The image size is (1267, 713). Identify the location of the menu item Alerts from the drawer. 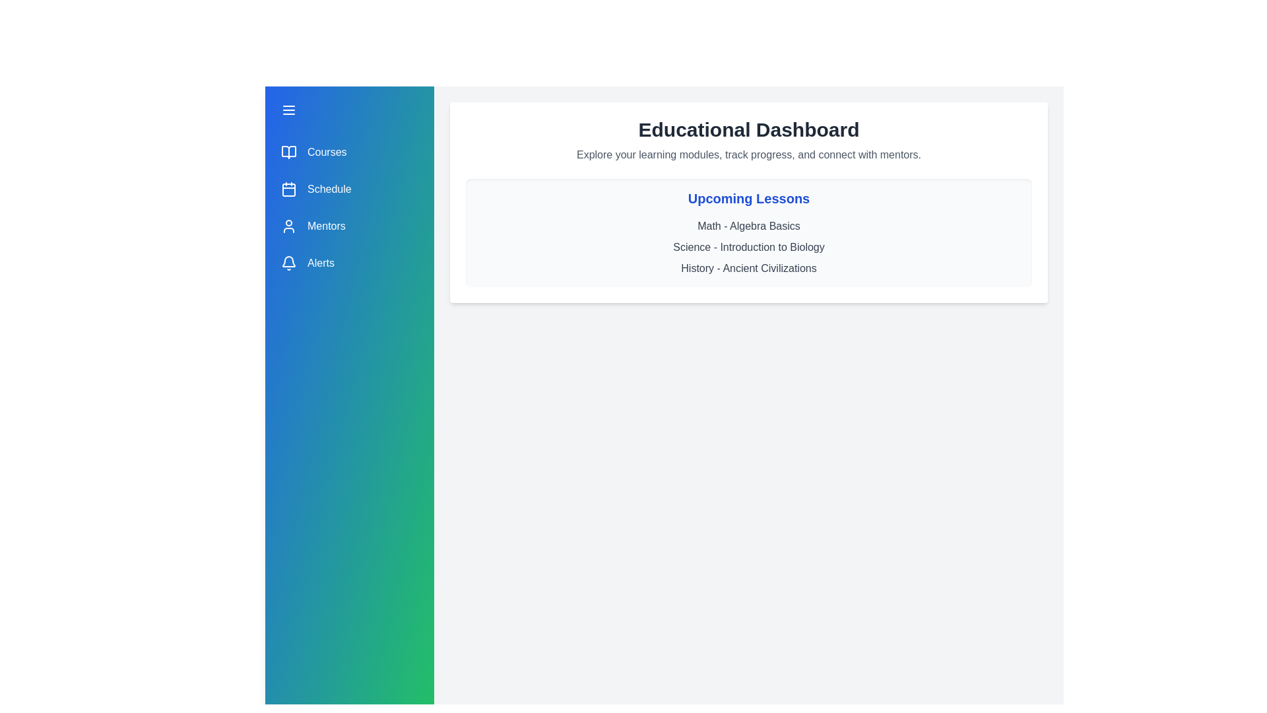
(349, 263).